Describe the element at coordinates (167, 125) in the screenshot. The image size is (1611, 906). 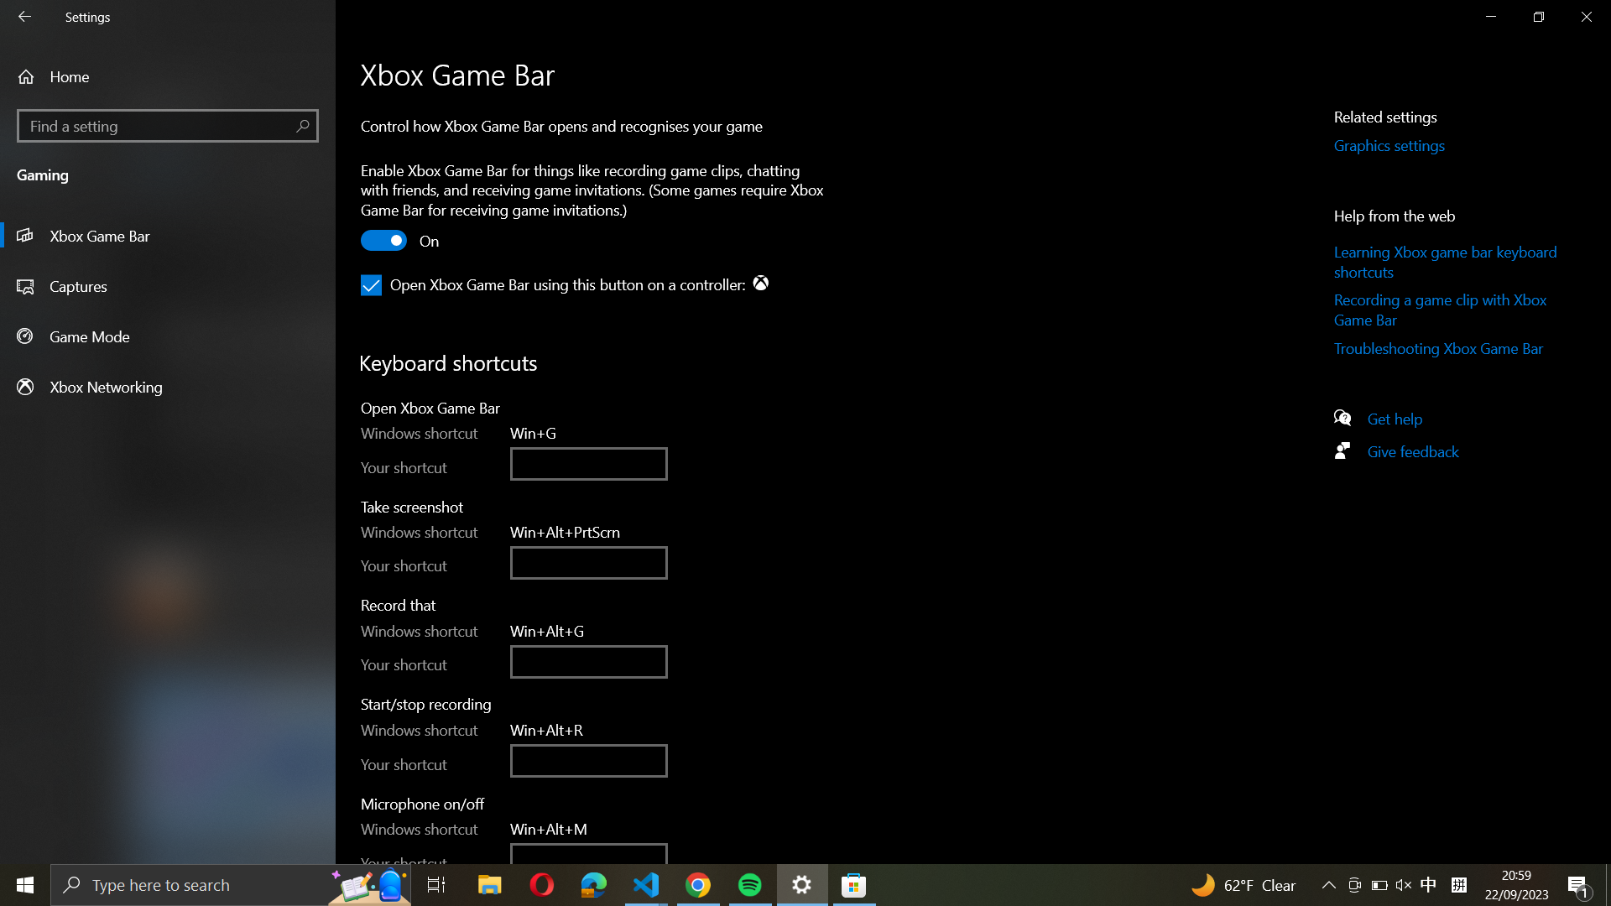
I see `the "Find a setting" interface` at that location.